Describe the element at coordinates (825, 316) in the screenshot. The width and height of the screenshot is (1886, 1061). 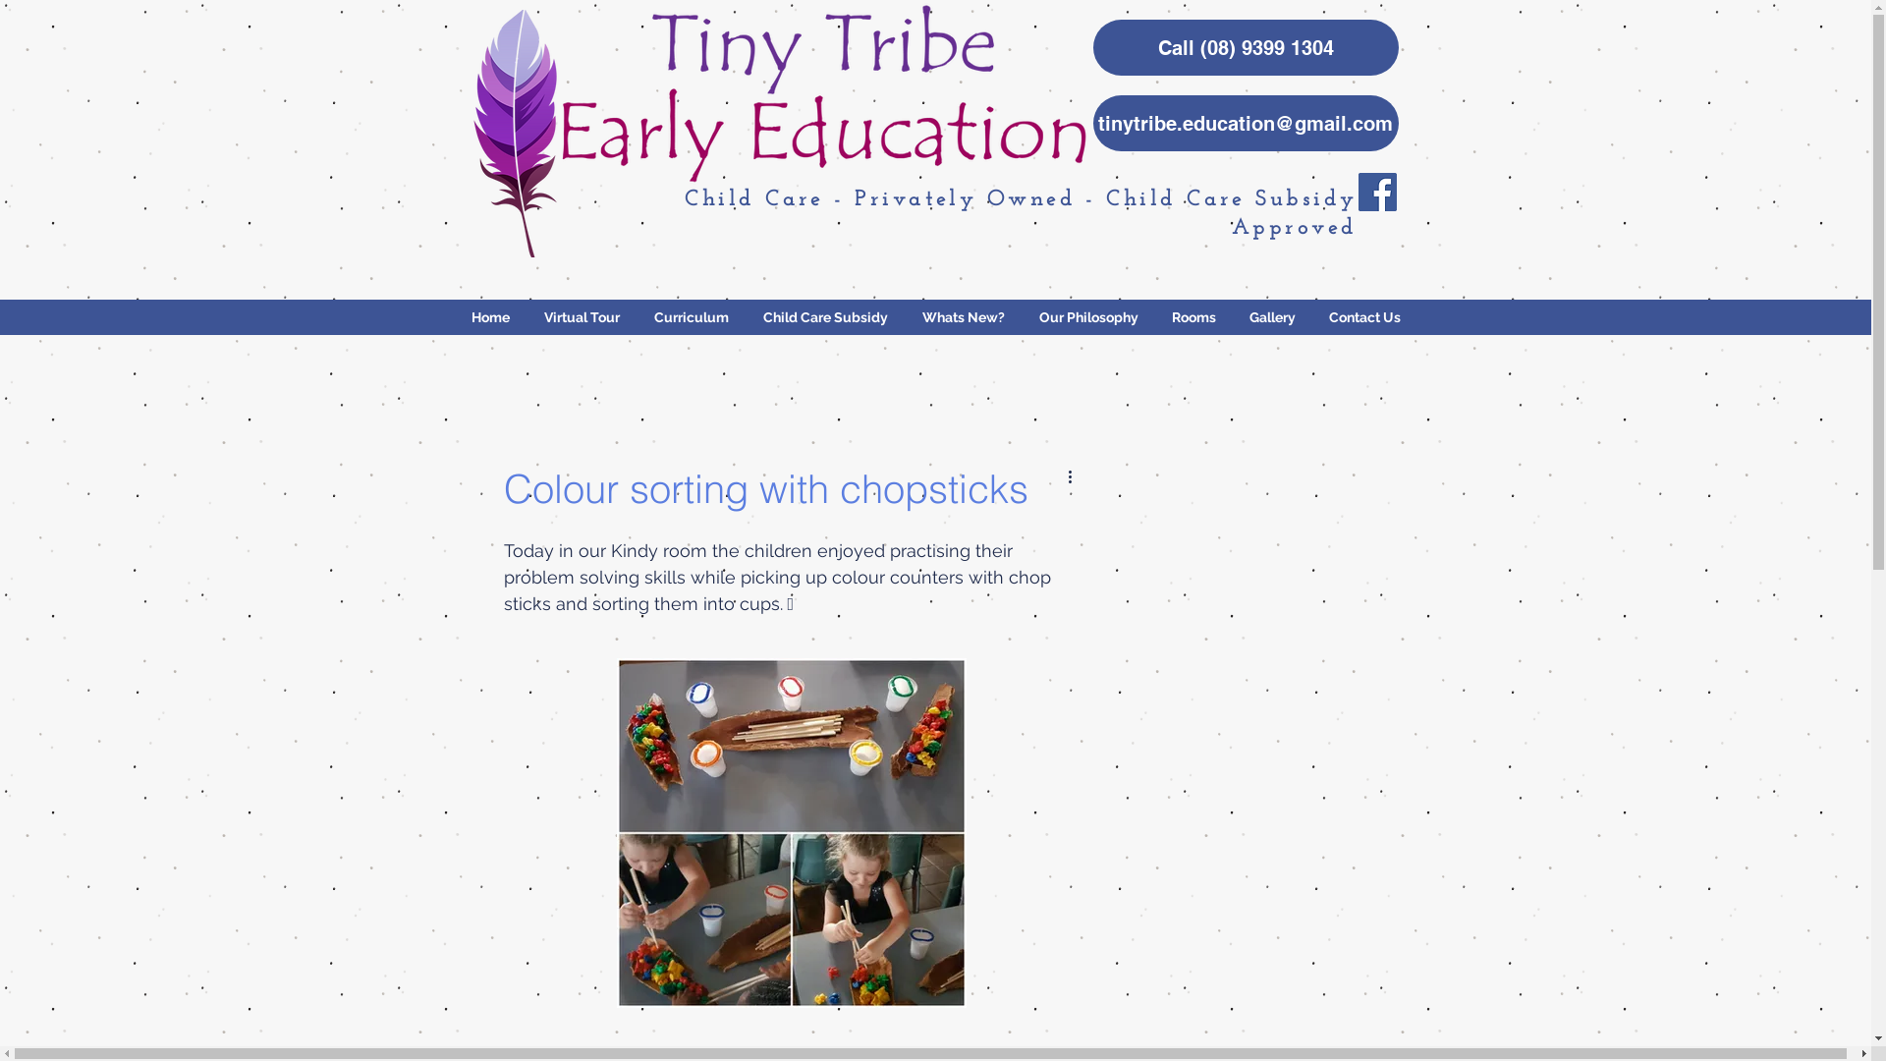
I see `'Child Care Subsidy'` at that location.